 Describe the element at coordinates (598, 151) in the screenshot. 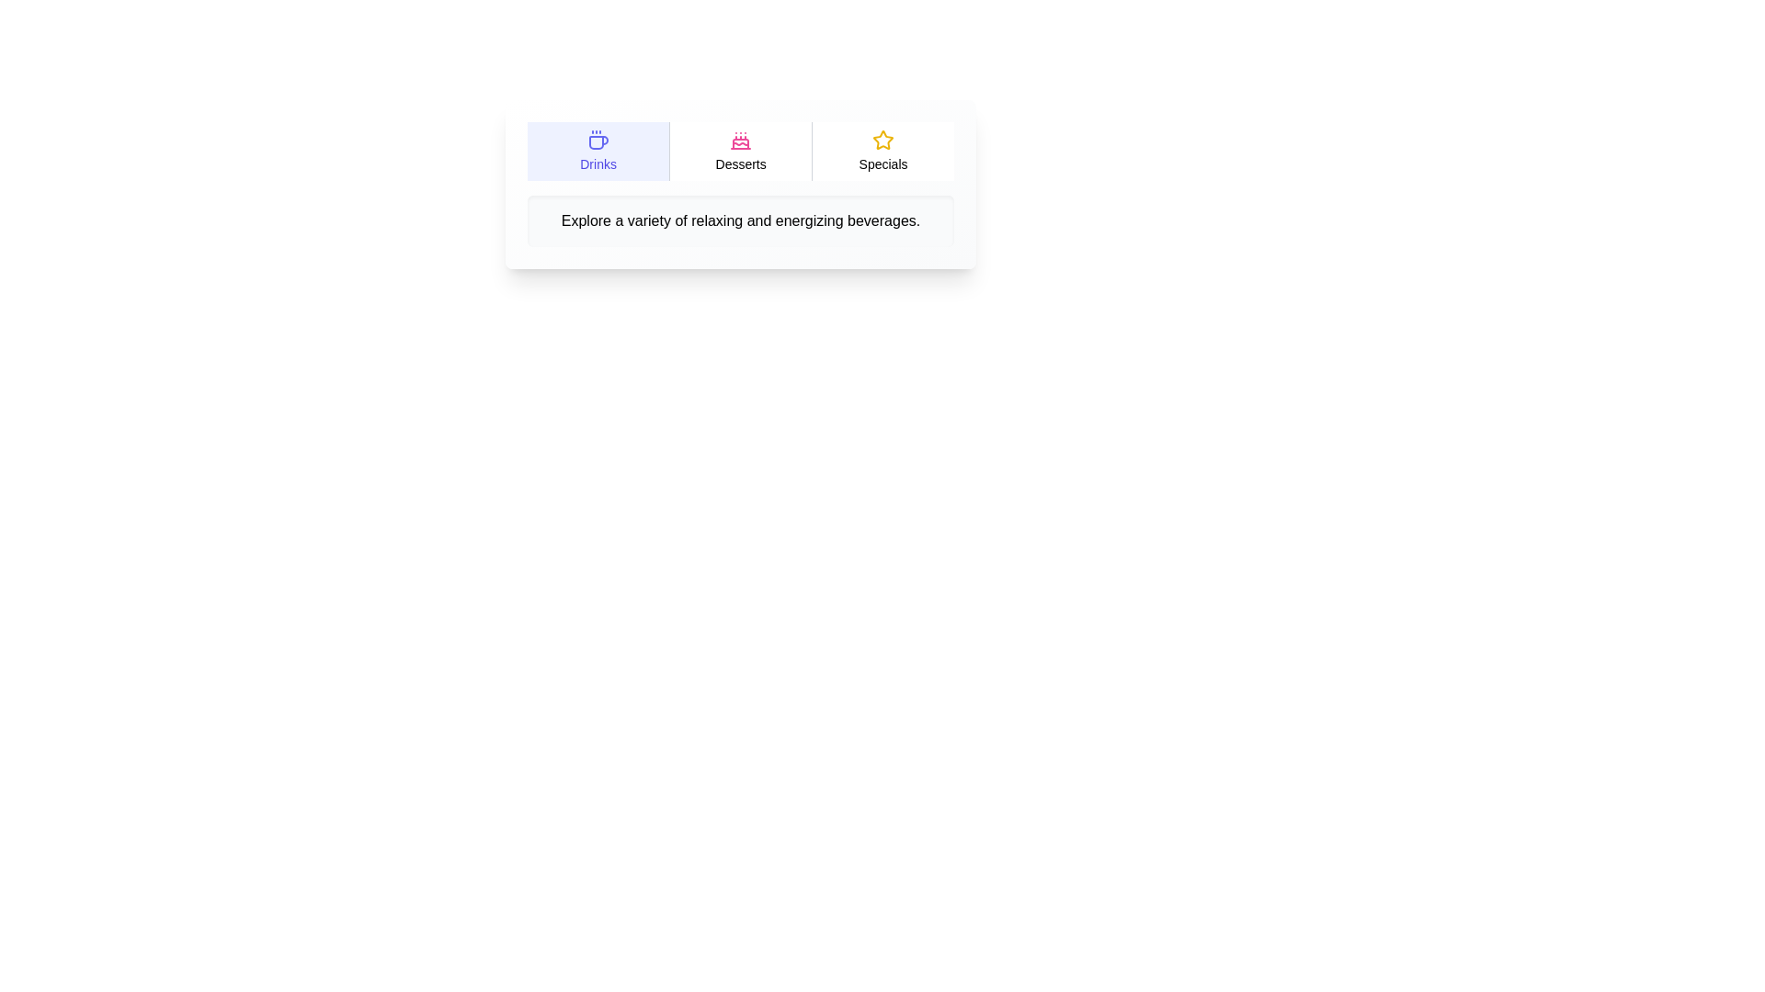

I see `the tab labeled Drinks` at that location.